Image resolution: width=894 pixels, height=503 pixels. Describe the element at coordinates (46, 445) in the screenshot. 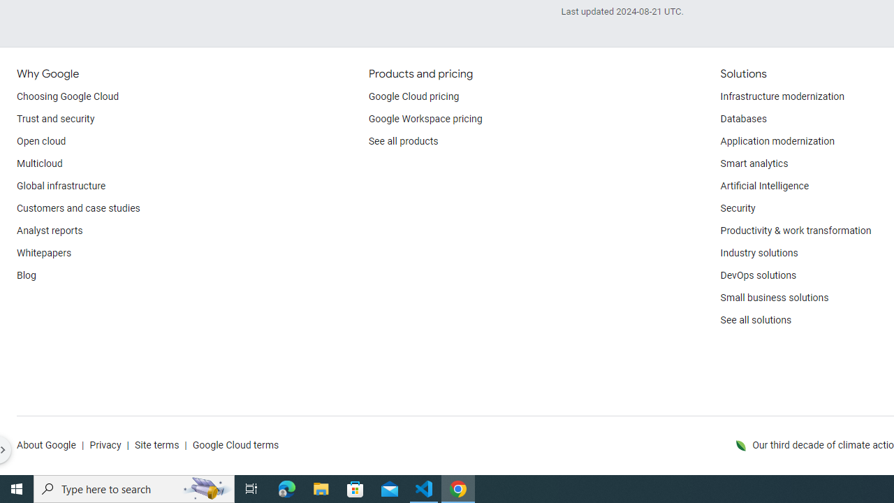

I see `'About Google'` at that location.